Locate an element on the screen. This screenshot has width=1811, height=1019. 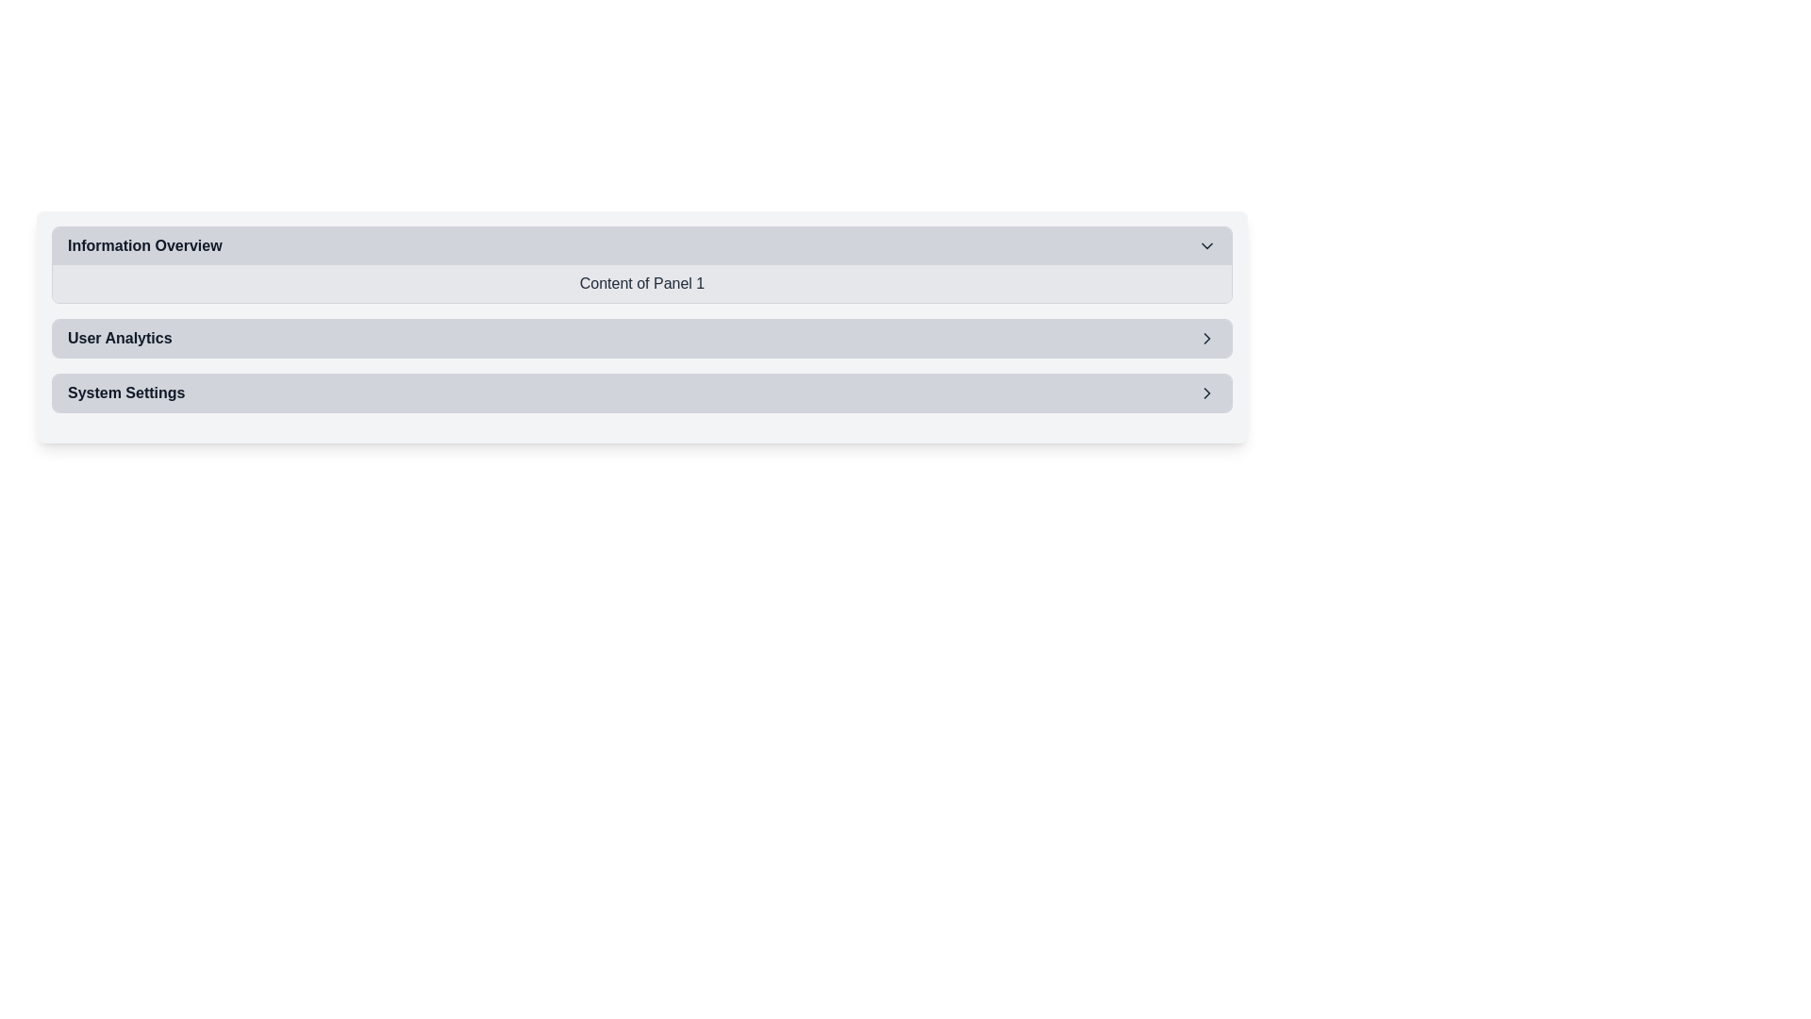
the toggle button located at the top of the panel to change its background style is located at coordinates (642, 245).